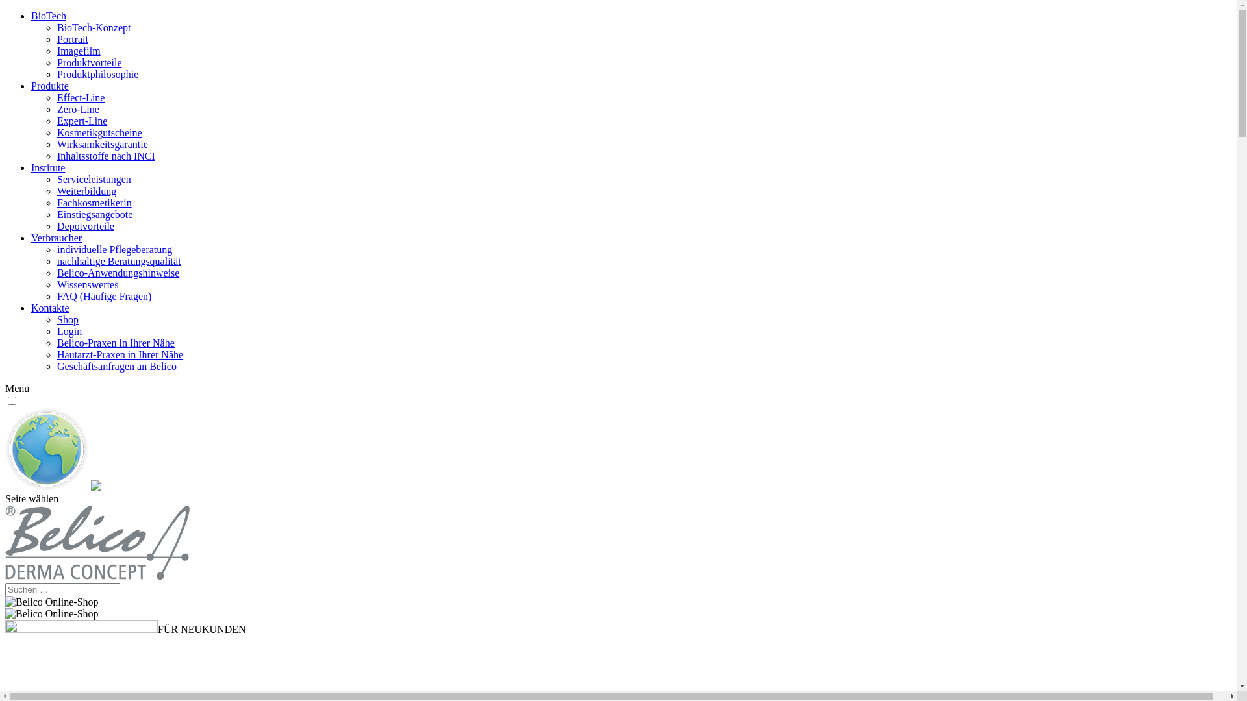 This screenshot has height=701, width=1247. Describe the element at coordinates (50, 308) in the screenshot. I see `'Kontakte'` at that location.